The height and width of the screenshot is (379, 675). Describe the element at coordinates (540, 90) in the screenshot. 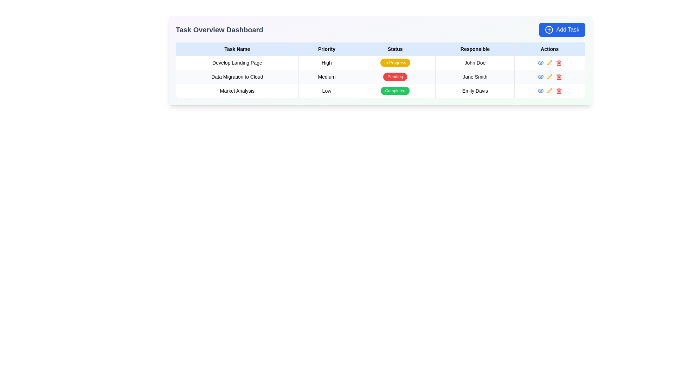

I see `the visibility indicator icon located in the 'Actions' column of the table's first row` at that location.